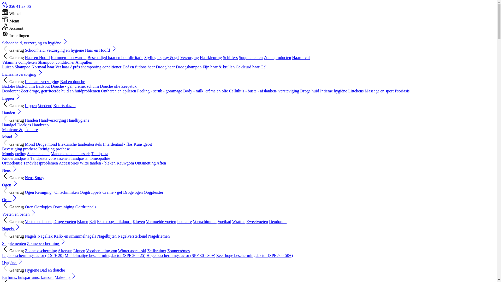 This screenshot has height=282, width=501. What do you see at coordinates (32, 255) in the screenshot?
I see `'Lage beschermingsfactor (< SPF 20)'` at bounding box center [32, 255].